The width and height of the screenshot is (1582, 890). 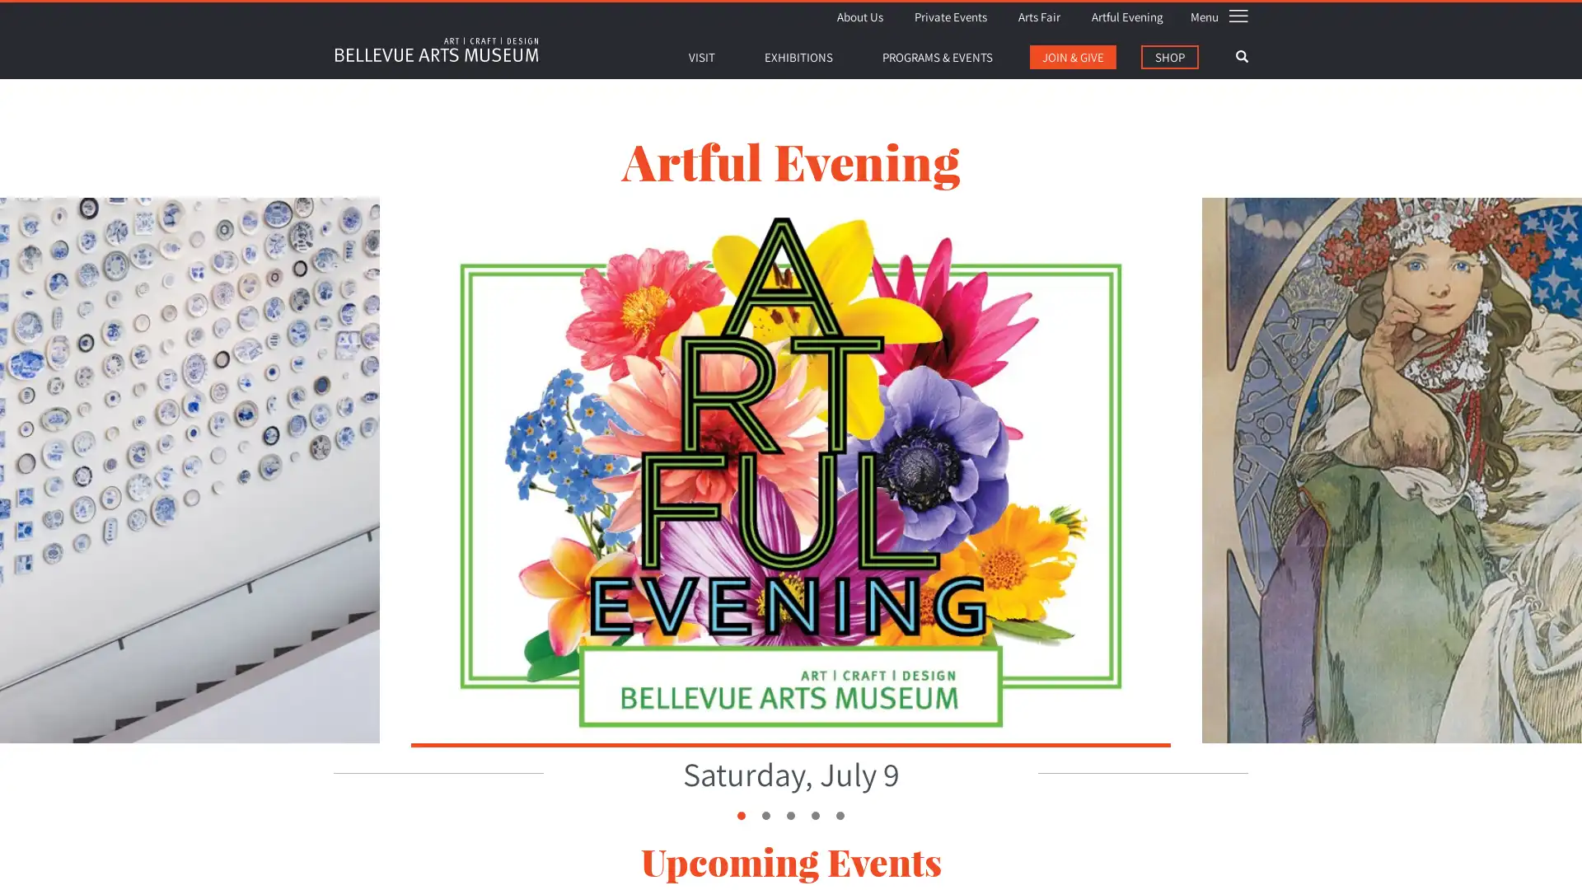 I want to click on 1, so click(x=741, y=816).